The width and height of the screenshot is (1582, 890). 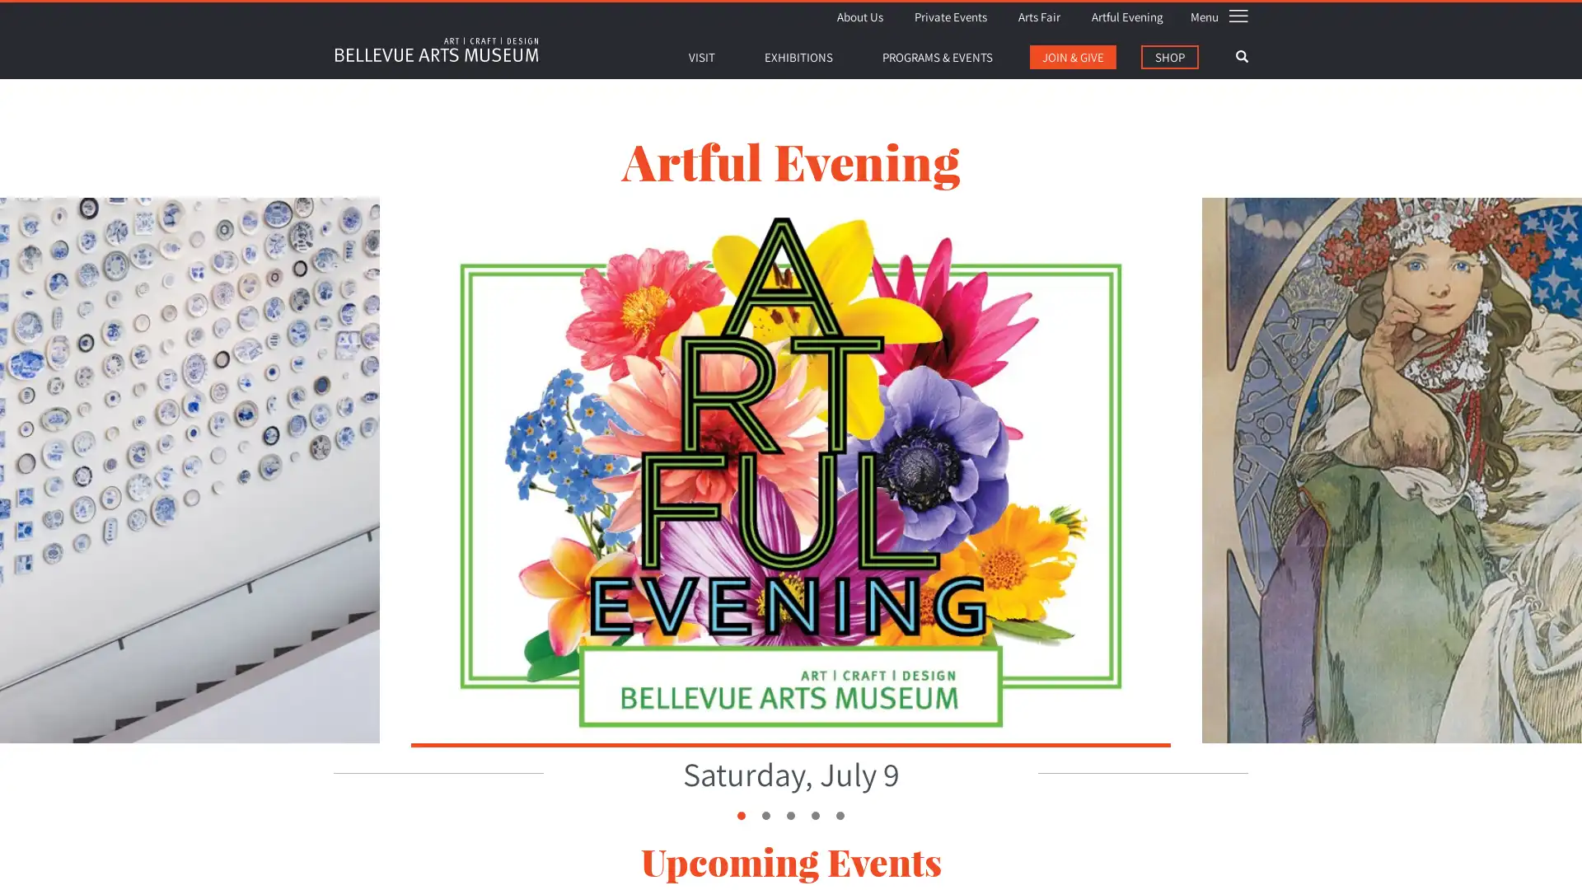 I want to click on 1, so click(x=741, y=816).